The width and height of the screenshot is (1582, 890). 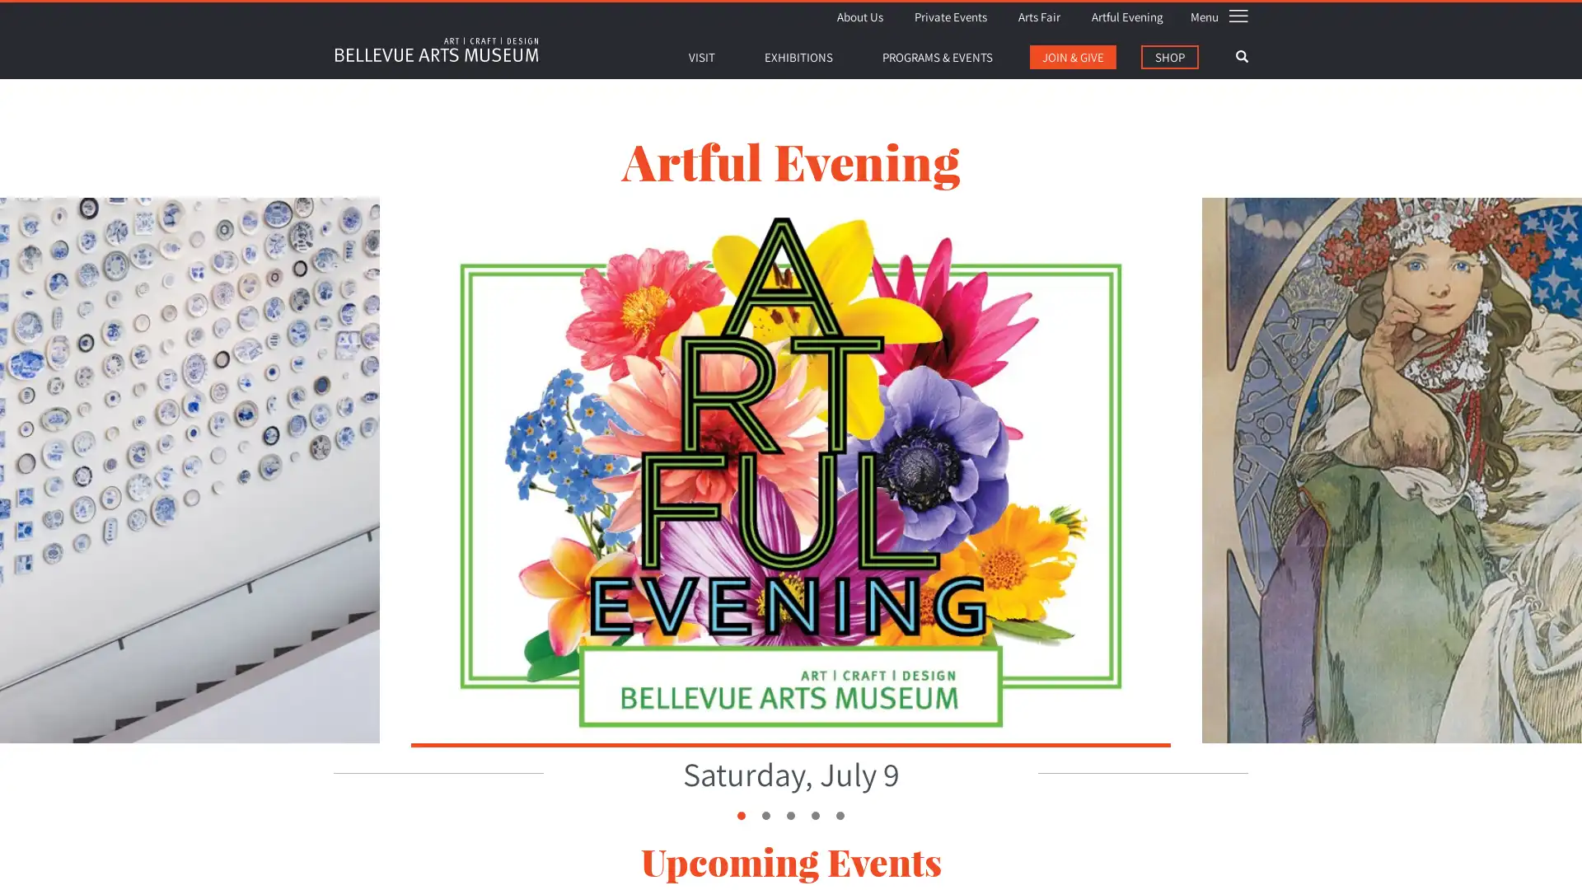 I want to click on 1, so click(x=741, y=816).